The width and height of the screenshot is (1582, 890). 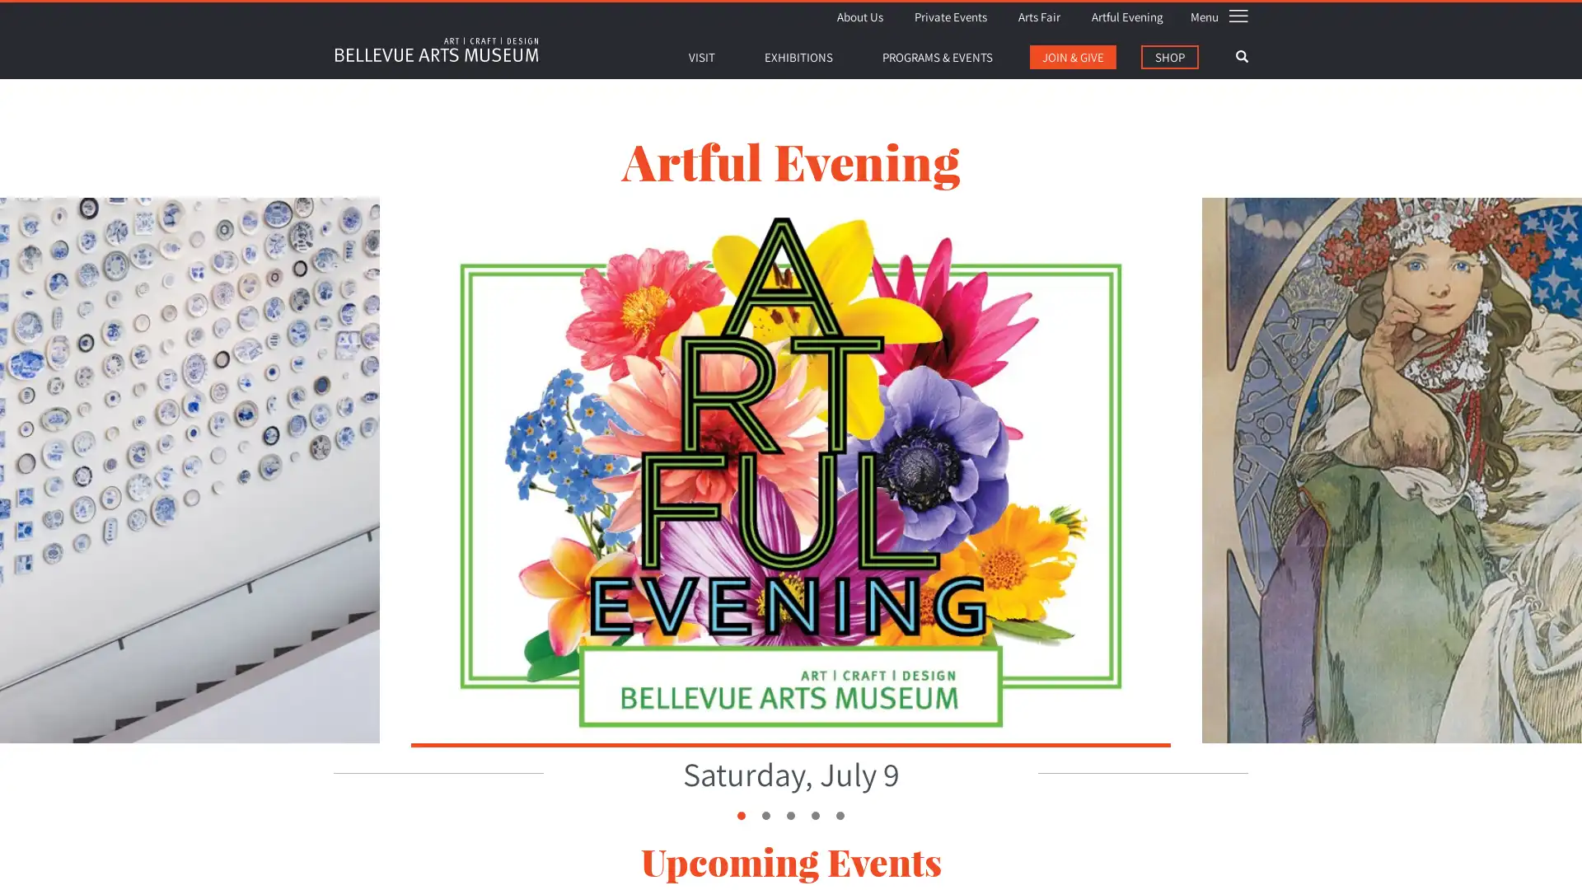 I want to click on 1, so click(x=741, y=816).